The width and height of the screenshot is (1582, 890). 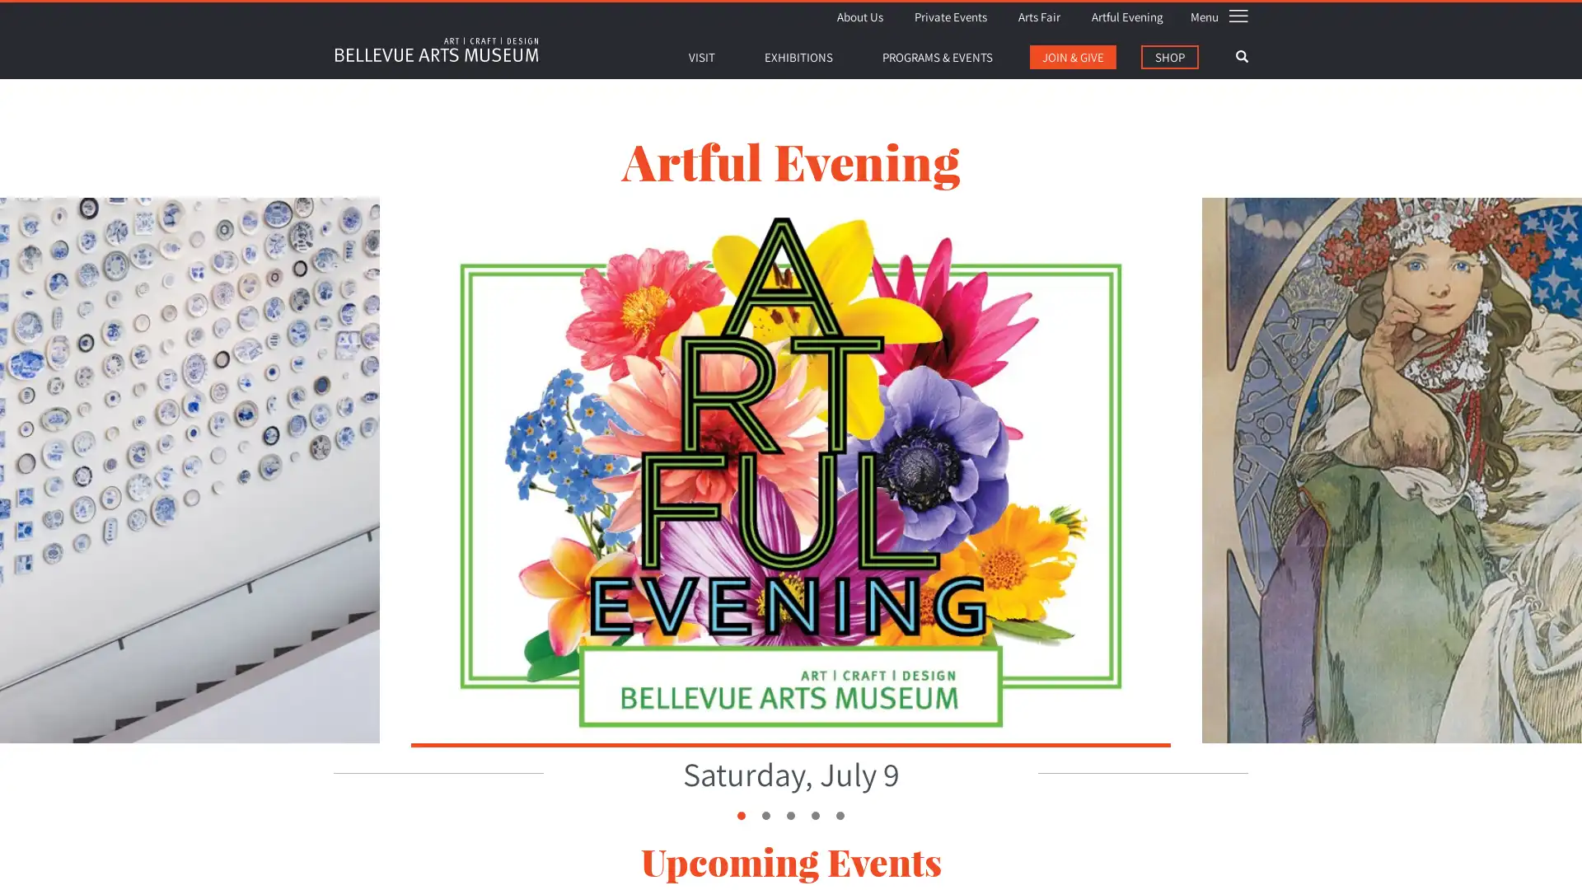 I want to click on 1, so click(x=741, y=816).